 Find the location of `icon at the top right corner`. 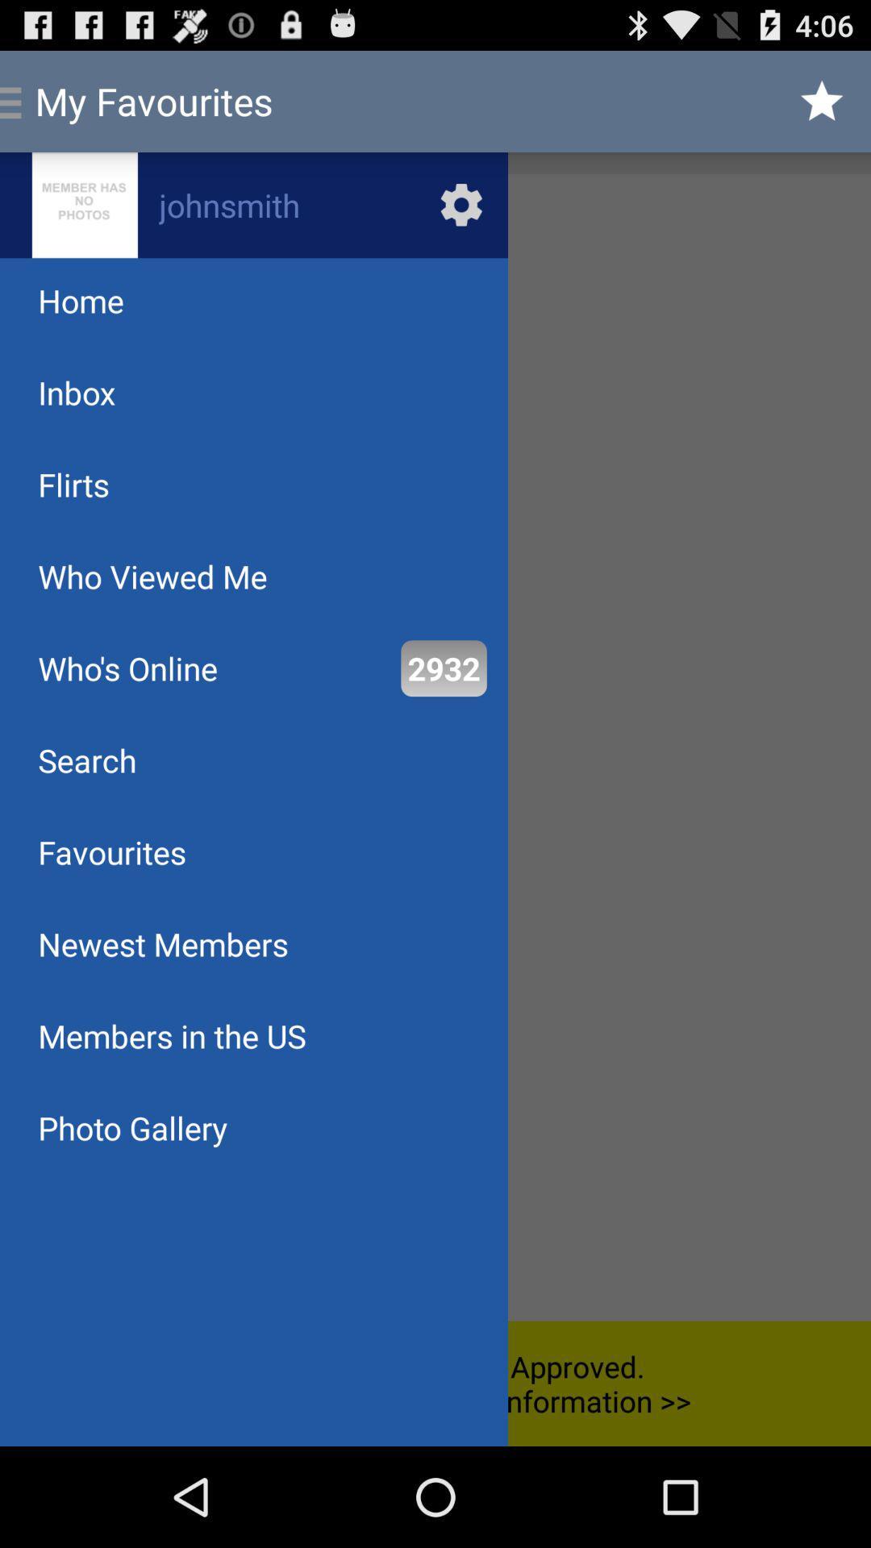

icon at the top right corner is located at coordinates (822, 100).